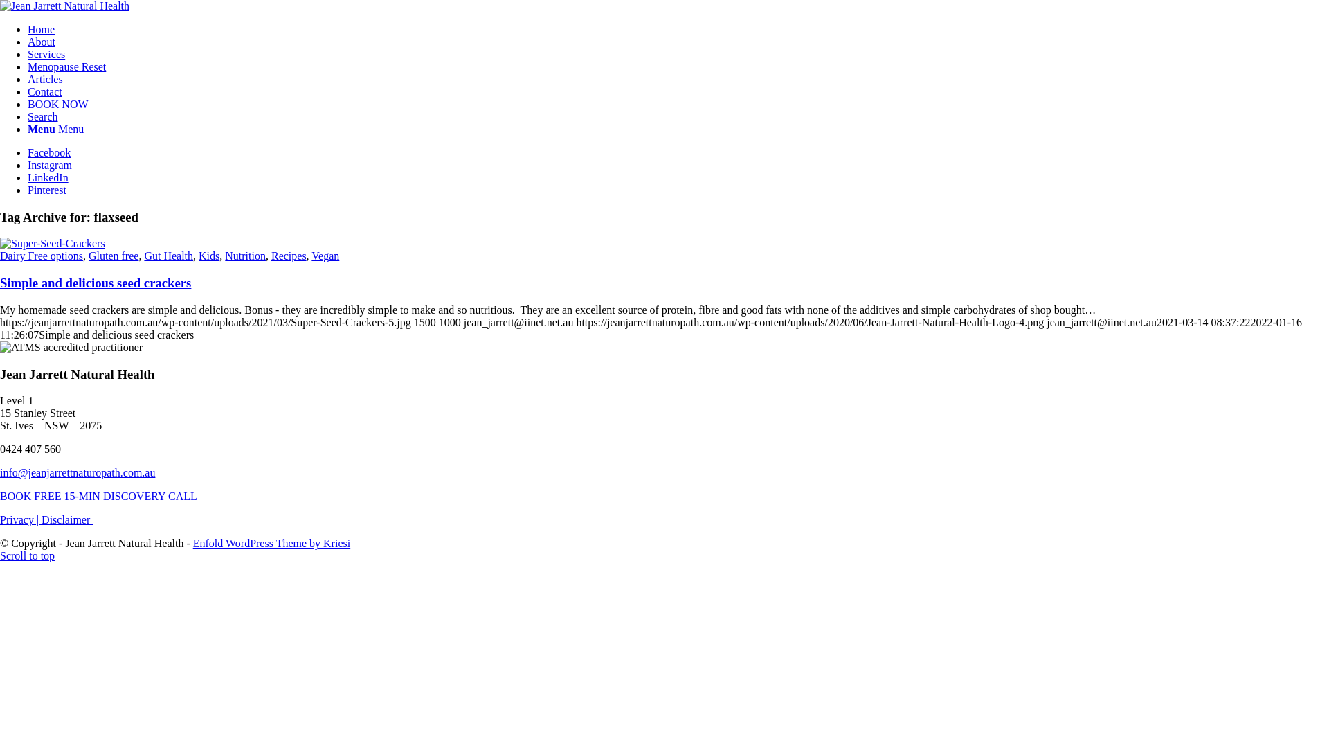  Describe the element at coordinates (55, 129) in the screenshot. I see `'Menu Menu'` at that location.